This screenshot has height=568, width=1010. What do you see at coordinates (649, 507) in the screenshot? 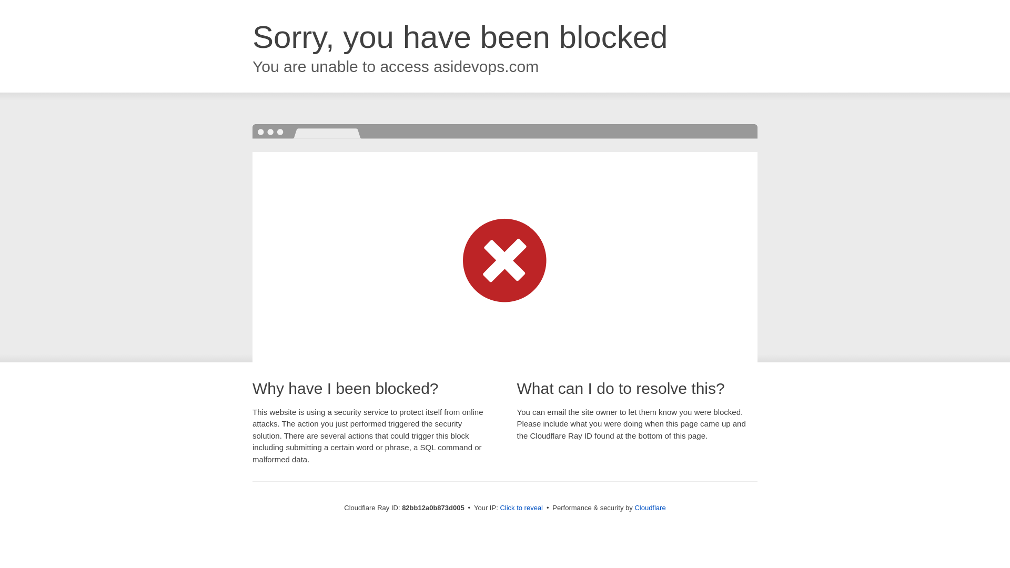
I see `'Cloudflare'` at bounding box center [649, 507].